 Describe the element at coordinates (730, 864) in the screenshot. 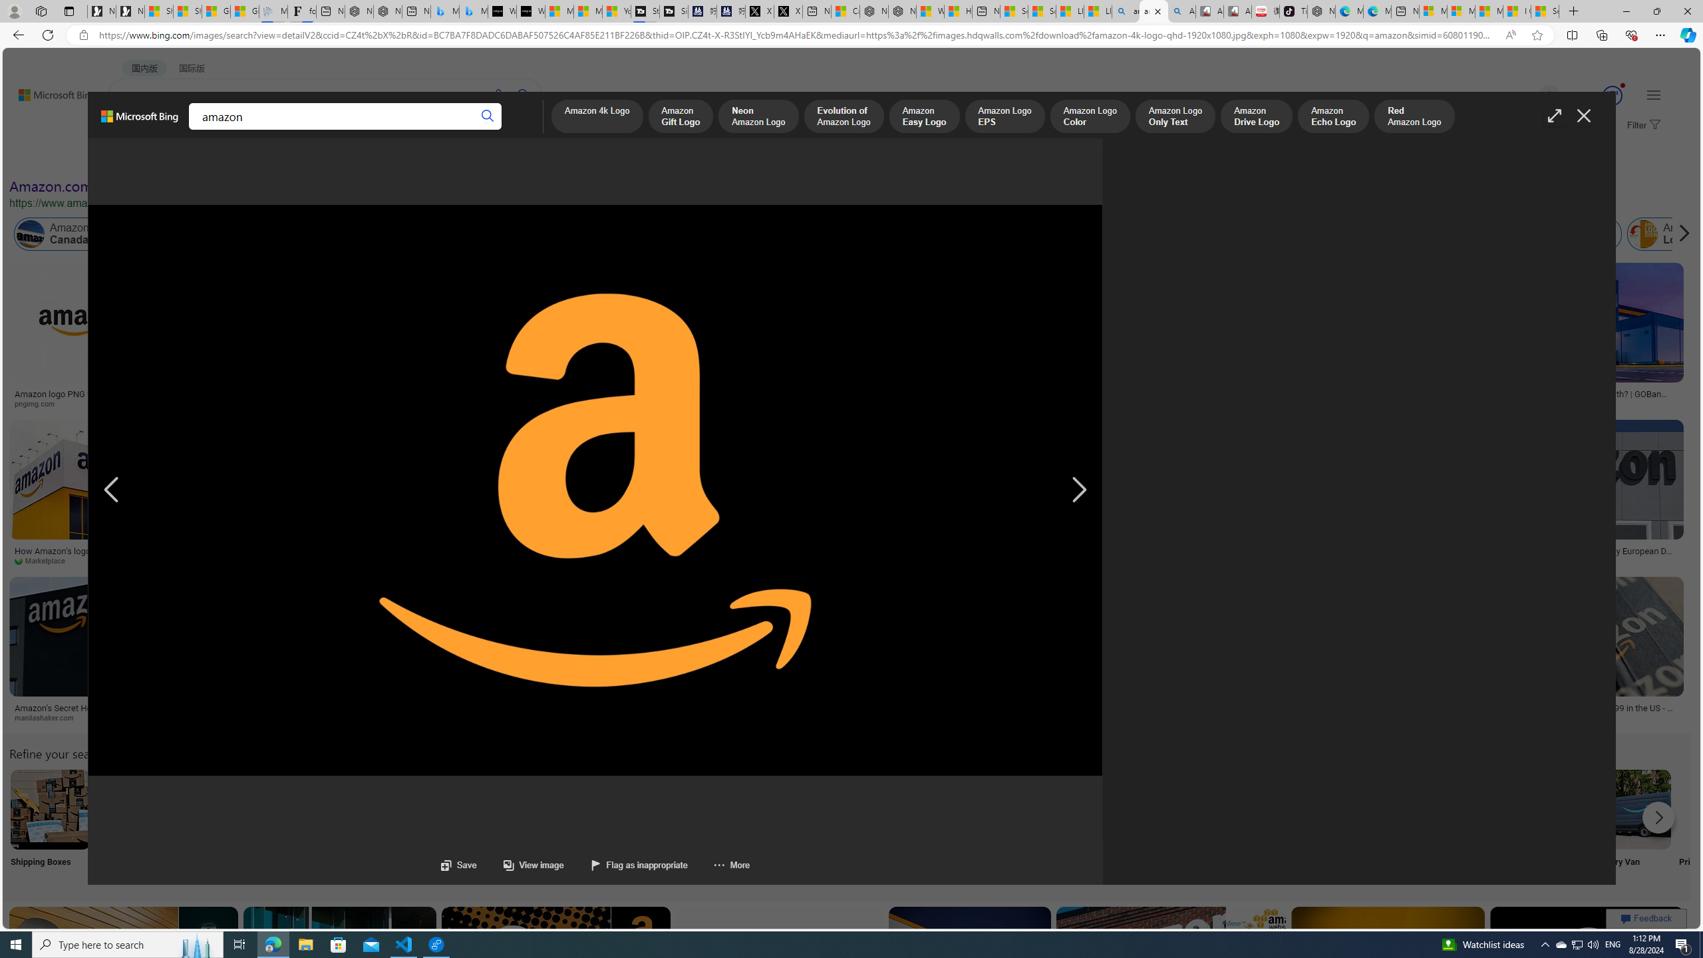

I see `'More'` at that location.